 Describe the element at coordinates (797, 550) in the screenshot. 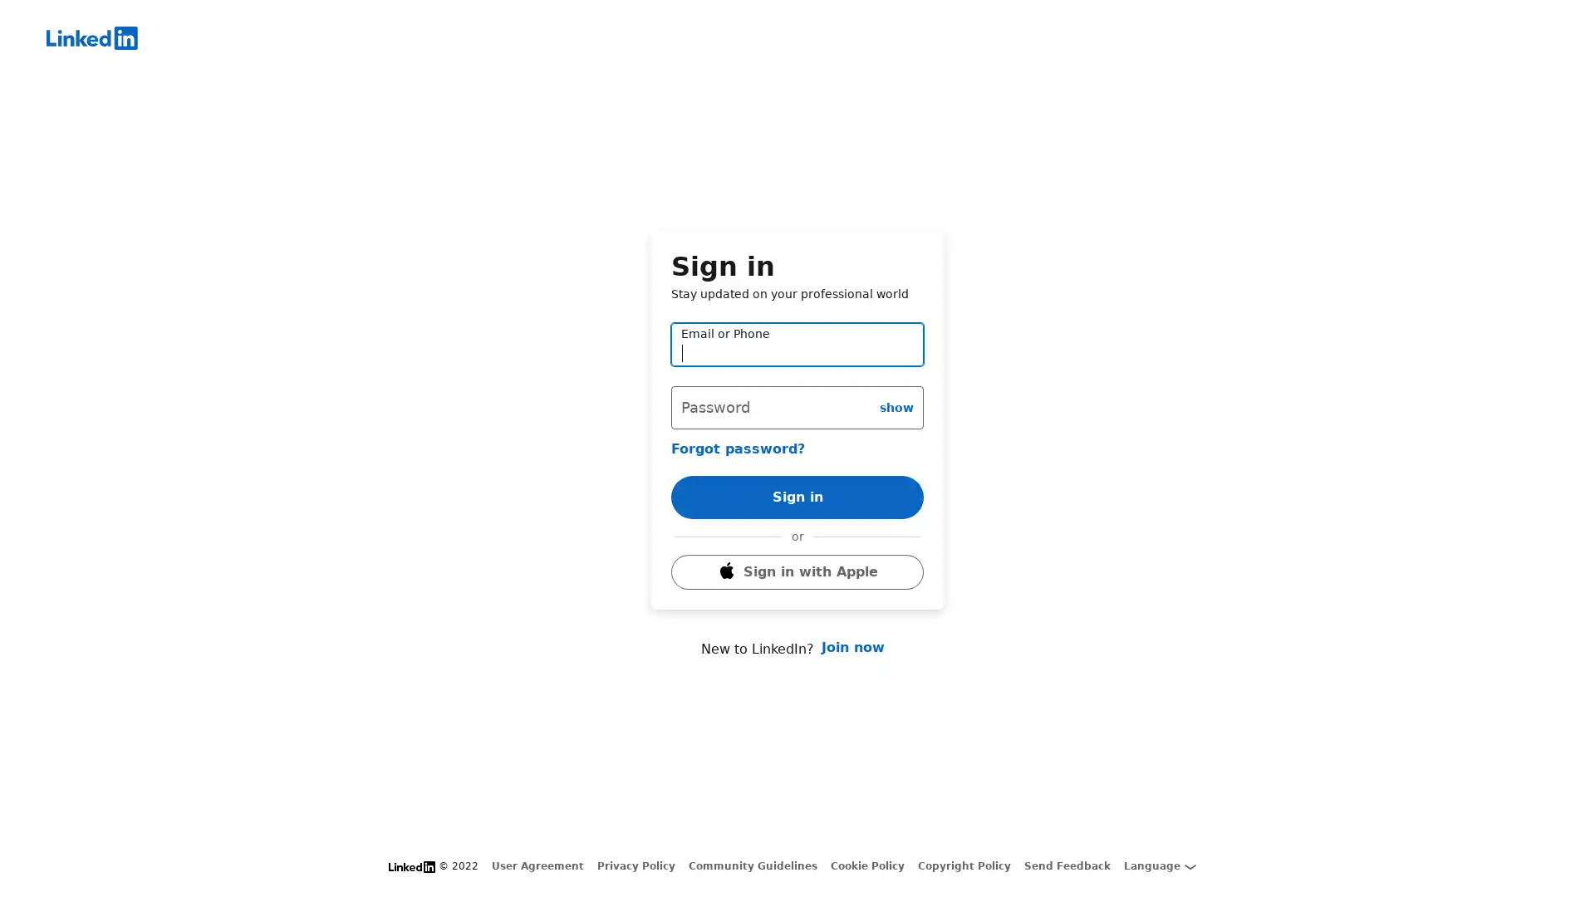

I see `Sign in with Google` at that location.